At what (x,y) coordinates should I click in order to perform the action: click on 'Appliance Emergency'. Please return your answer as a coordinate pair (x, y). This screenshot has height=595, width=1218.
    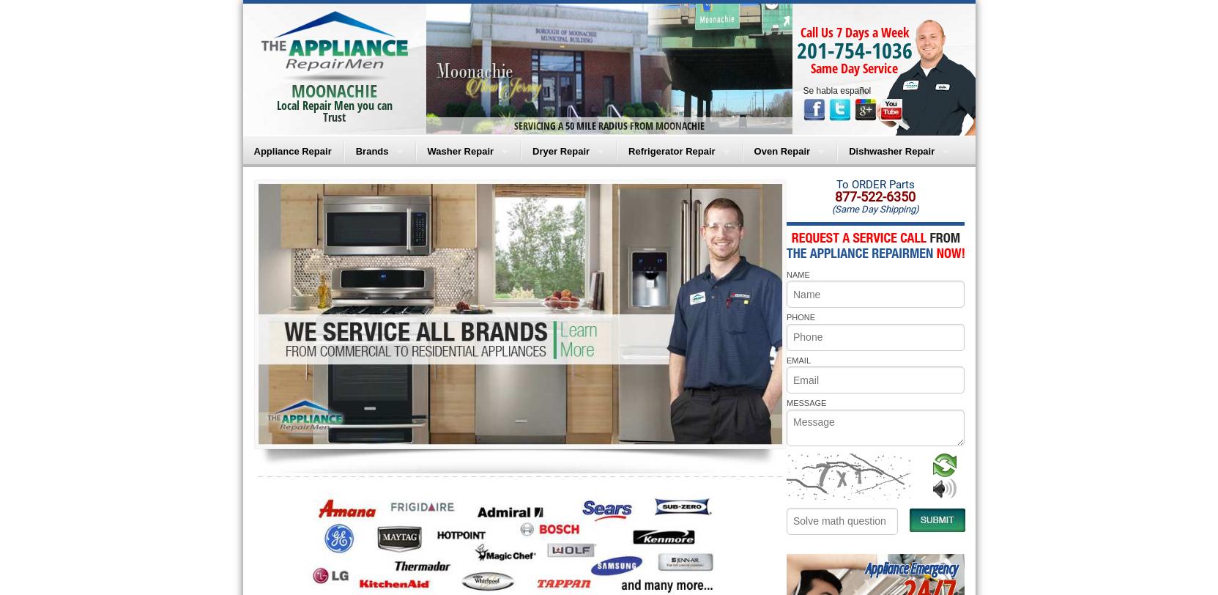
    Looking at the image, I should click on (910, 567).